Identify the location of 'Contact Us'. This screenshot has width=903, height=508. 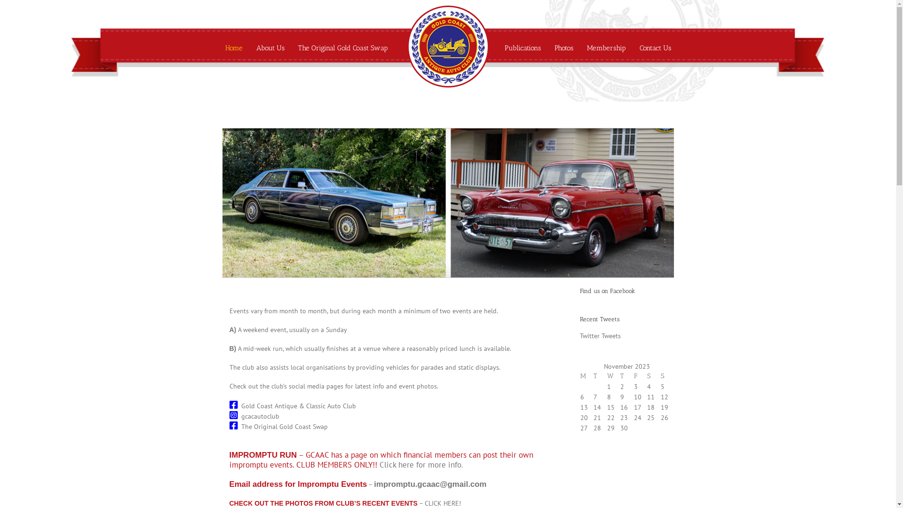
(655, 48).